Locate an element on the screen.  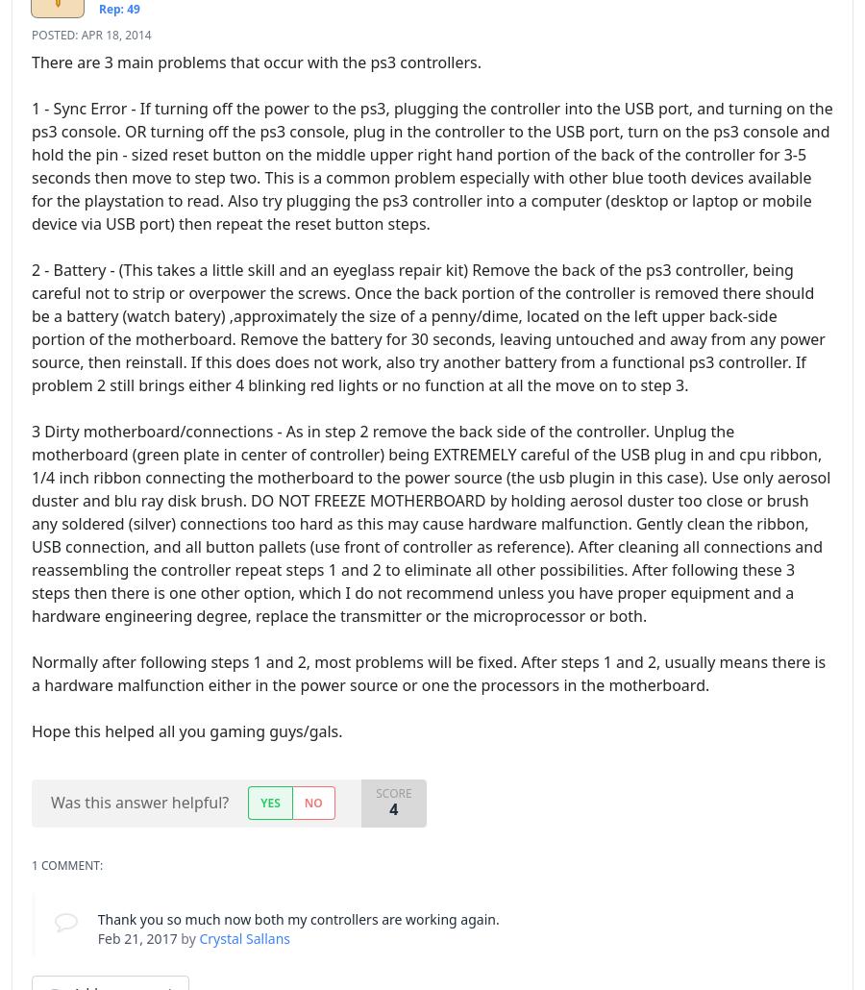
'2 - Battery -  (This takes a little skill and an eyeglass repair kit) Remove the back of the ps3 controller,  being careful not to strip or overpower the screws. Once the back portion of the controller is removed there should be a battery (watch batery) ,approximately the size of a penny/dime, located on the left upper back-side portion of the motherboard. Remove the battery for 30 seconds, leaving untouched and away from any power source, then reinstall.  If this does does not work, also try another battery from a functional ps3 controller. If problem 2 still brings either 4 blinking red lights or no function at all the move on to step 3.' is located at coordinates (31, 326).